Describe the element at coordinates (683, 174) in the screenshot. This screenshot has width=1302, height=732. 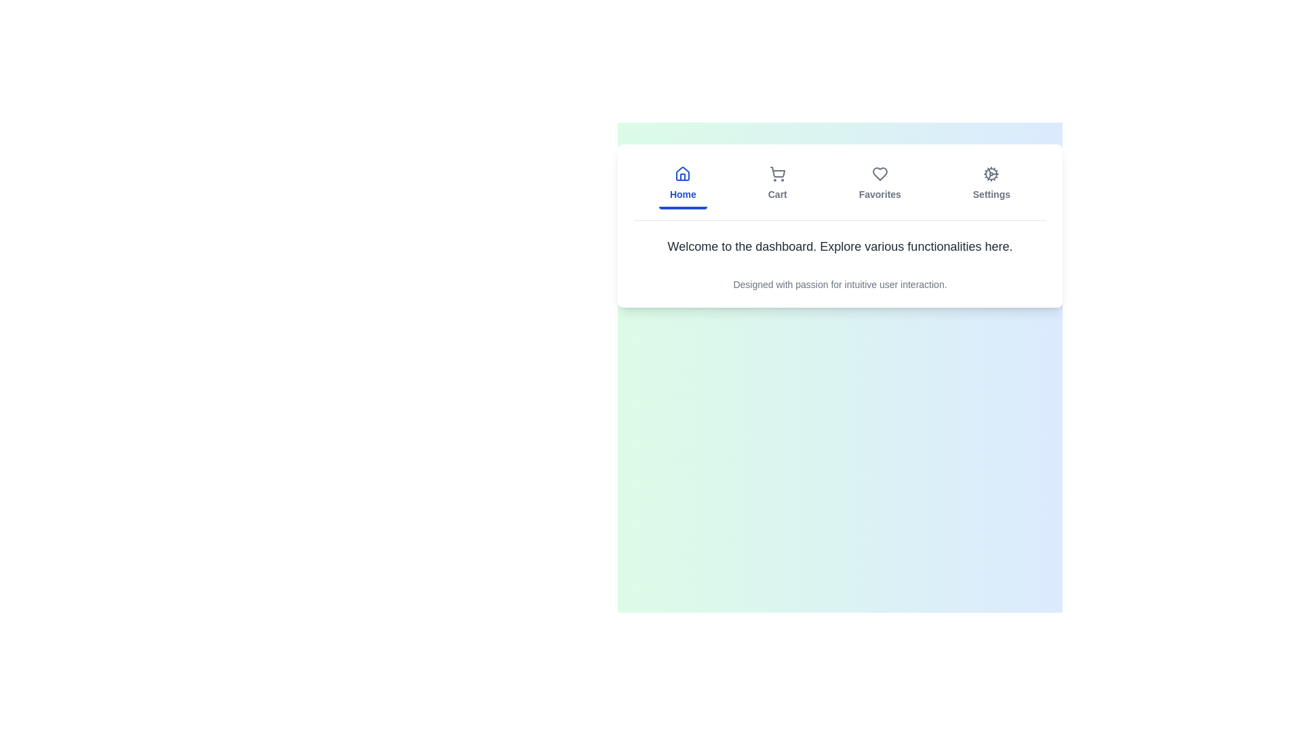
I see `the house-shaped icon with a blue outline located above the 'Home' label in the top-left section of the navigation bar` at that location.